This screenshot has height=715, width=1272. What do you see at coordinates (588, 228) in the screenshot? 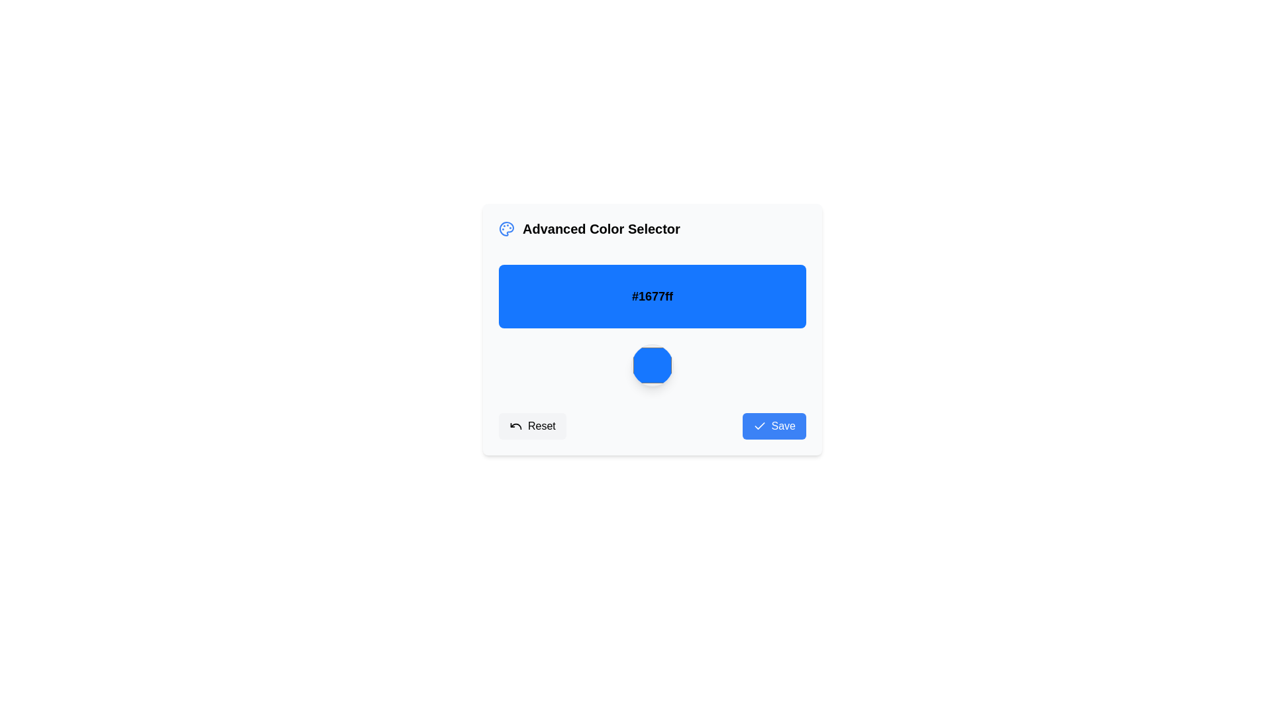
I see `the Header with icon and text that serves as a title for advanced color selection` at bounding box center [588, 228].